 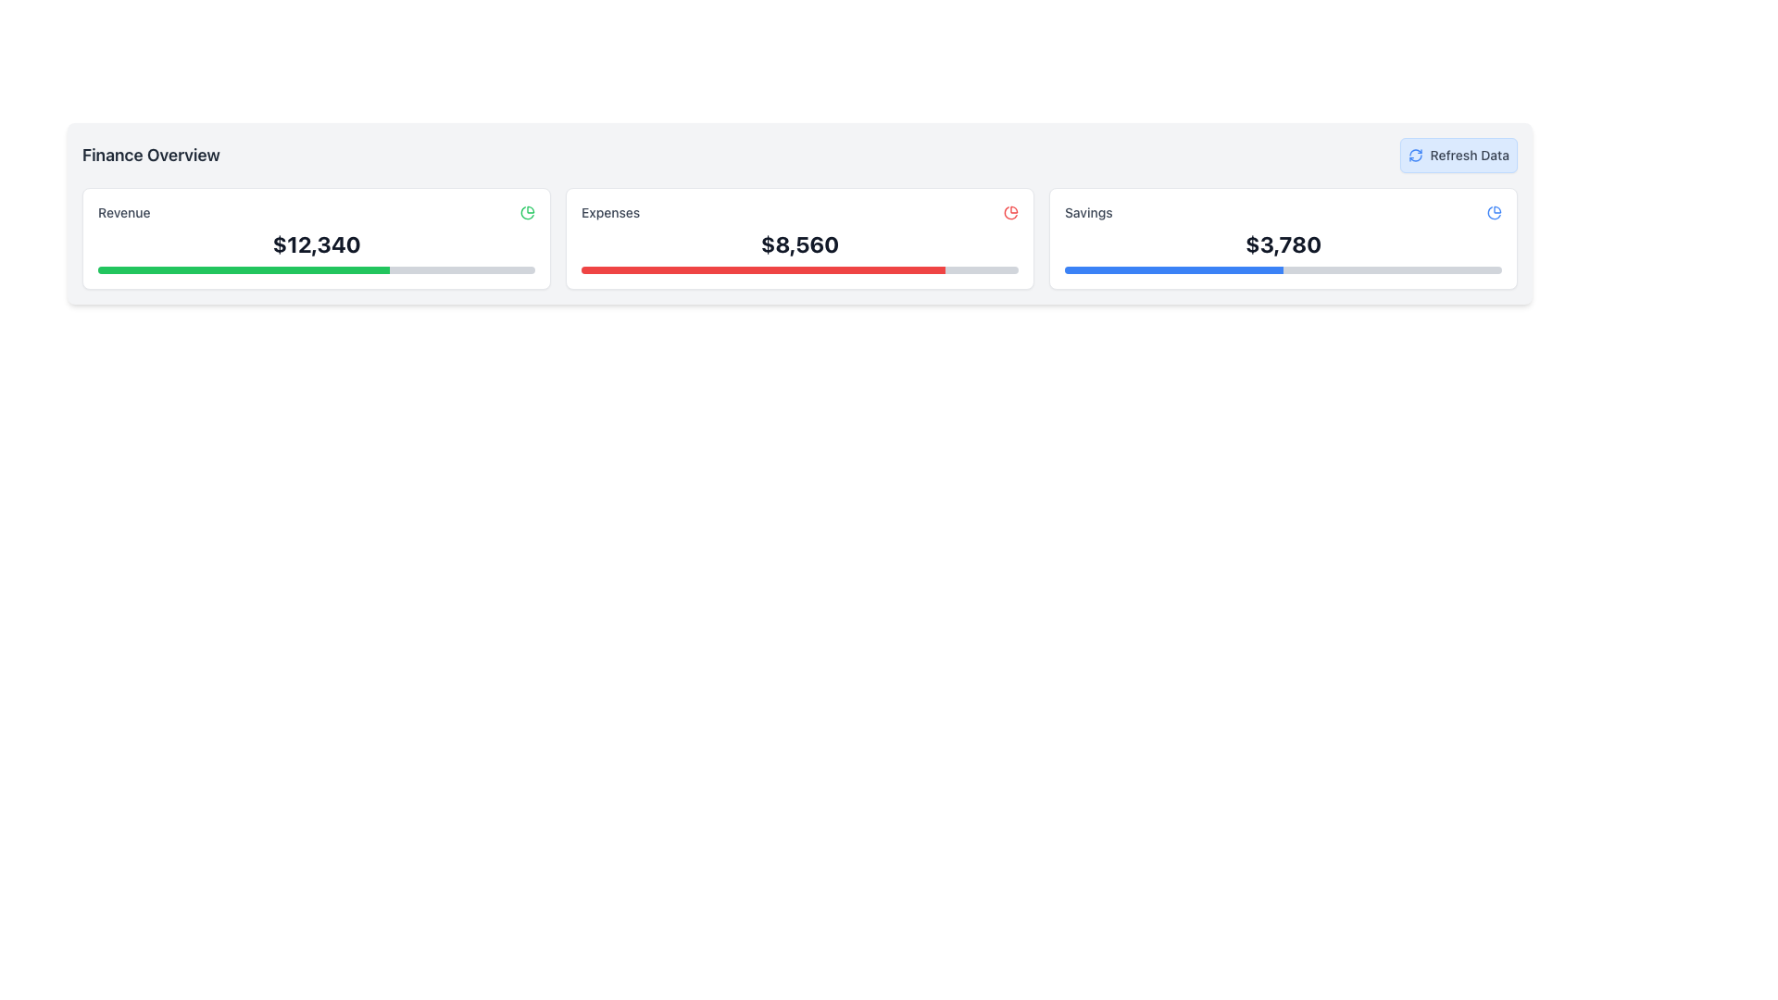 What do you see at coordinates (1458, 155) in the screenshot?
I see `the refresh button located at the top-right corner of the 'Finance Overview' section to refresh the displayed data` at bounding box center [1458, 155].